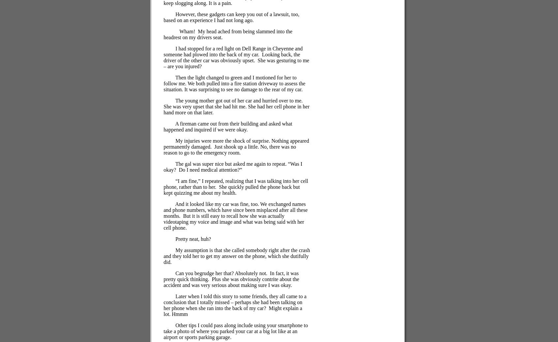  What do you see at coordinates (233, 221) in the screenshot?
I see `'But it is still easy to recall how she was actually videotaping my voice
and image and what was being said with her cell phone.'` at bounding box center [233, 221].